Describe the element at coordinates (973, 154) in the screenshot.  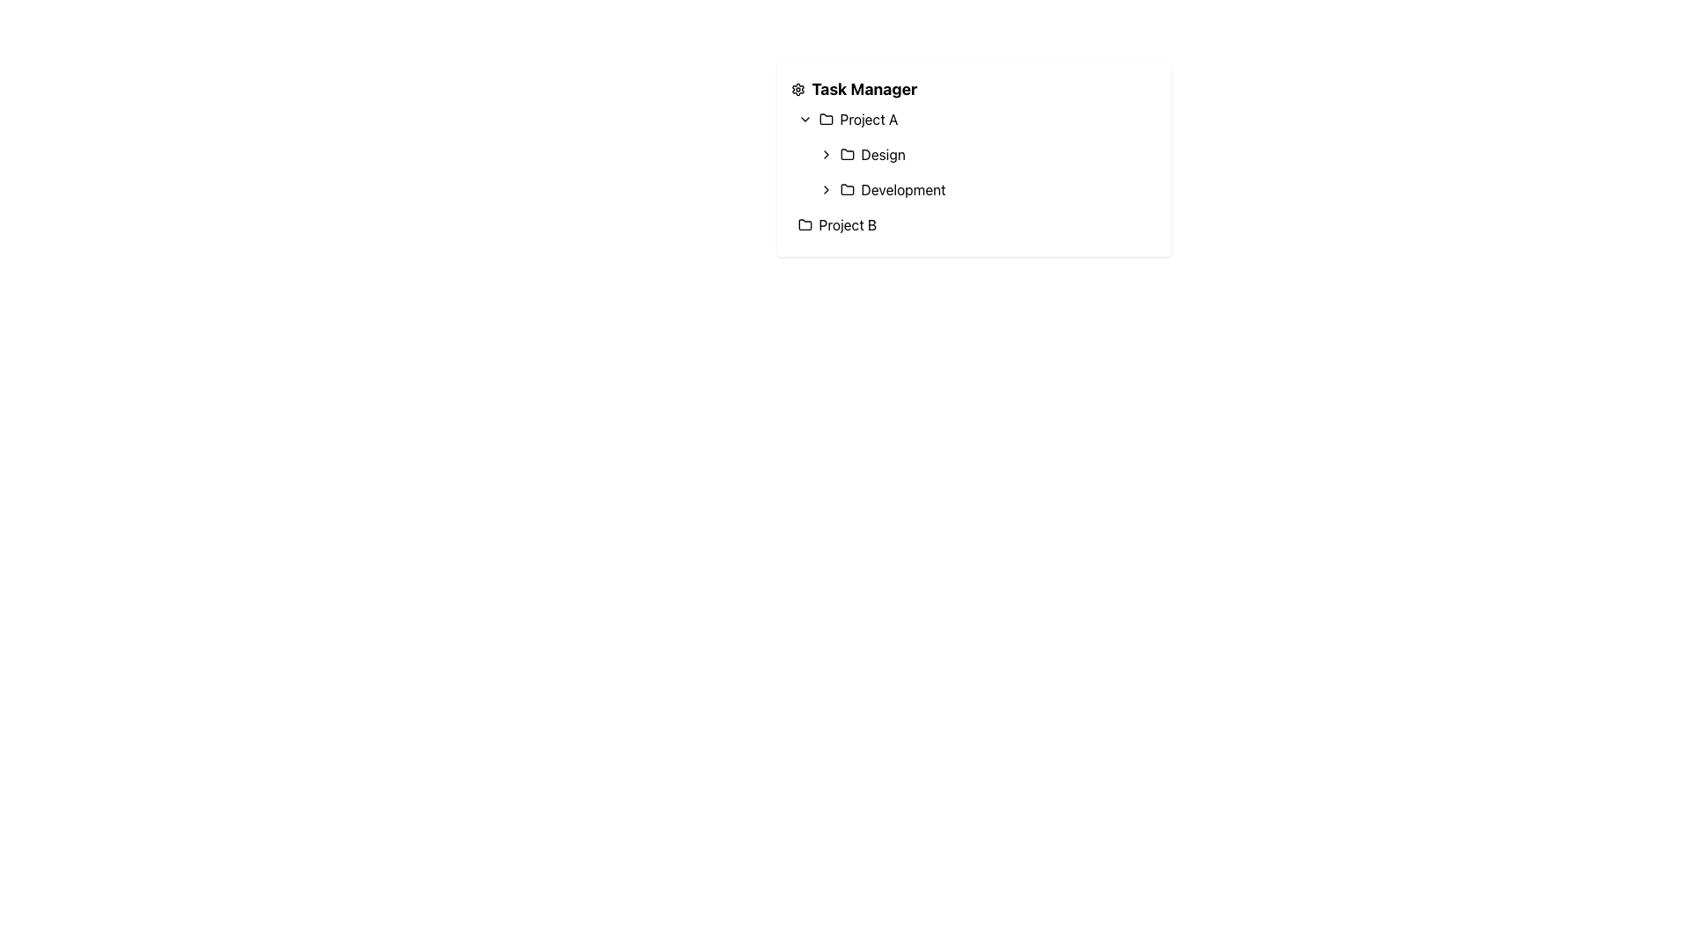
I see `the hierarchical list item titled 'Project ADesignDevelopment'` at that location.